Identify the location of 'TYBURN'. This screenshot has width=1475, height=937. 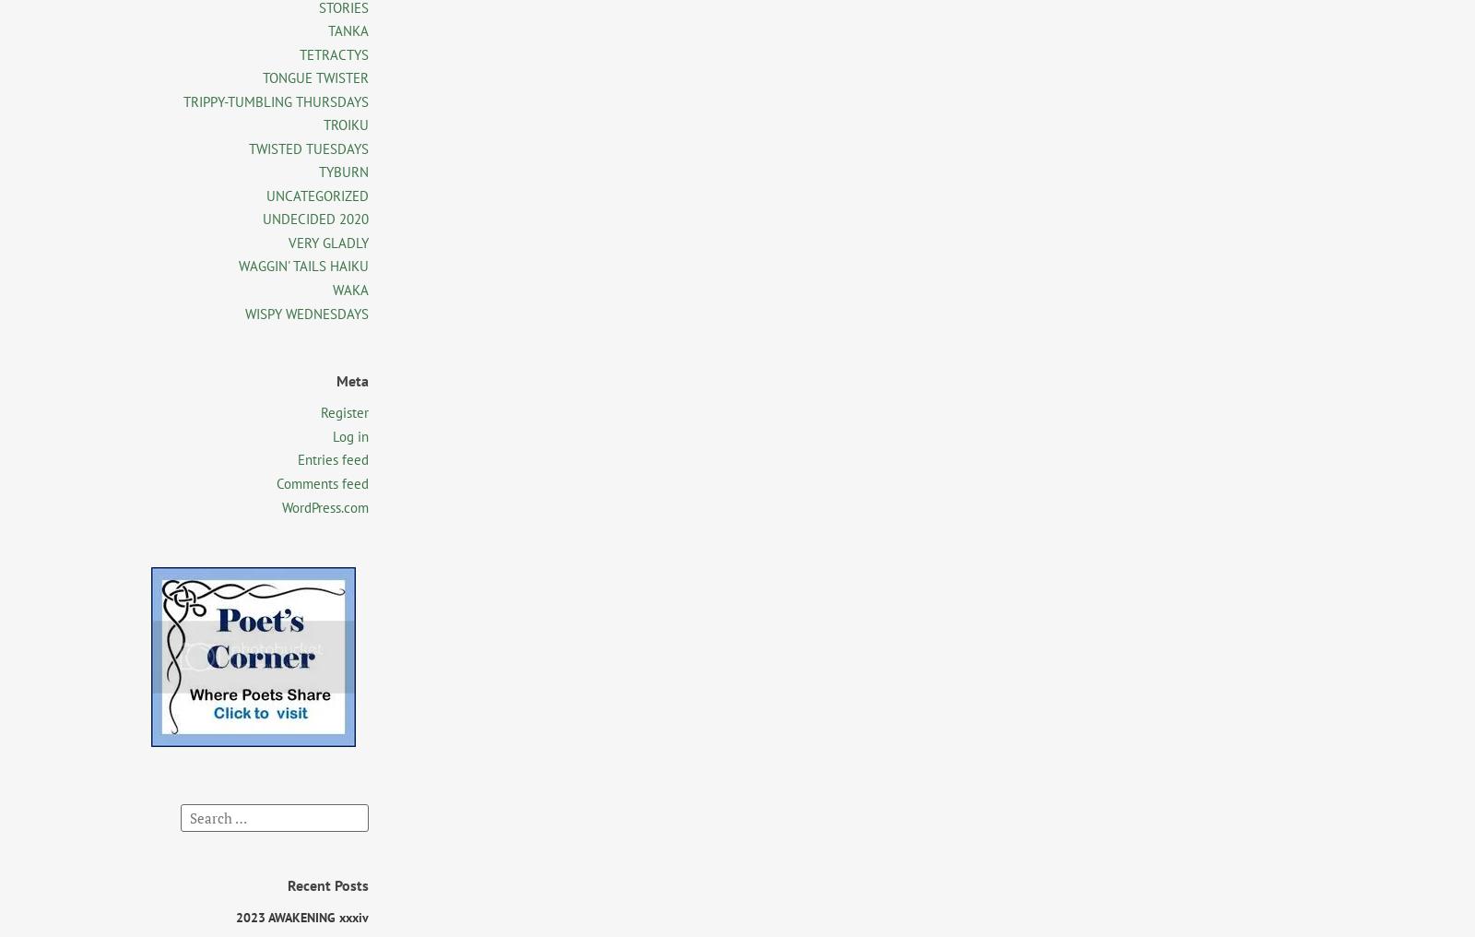
(343, 171).